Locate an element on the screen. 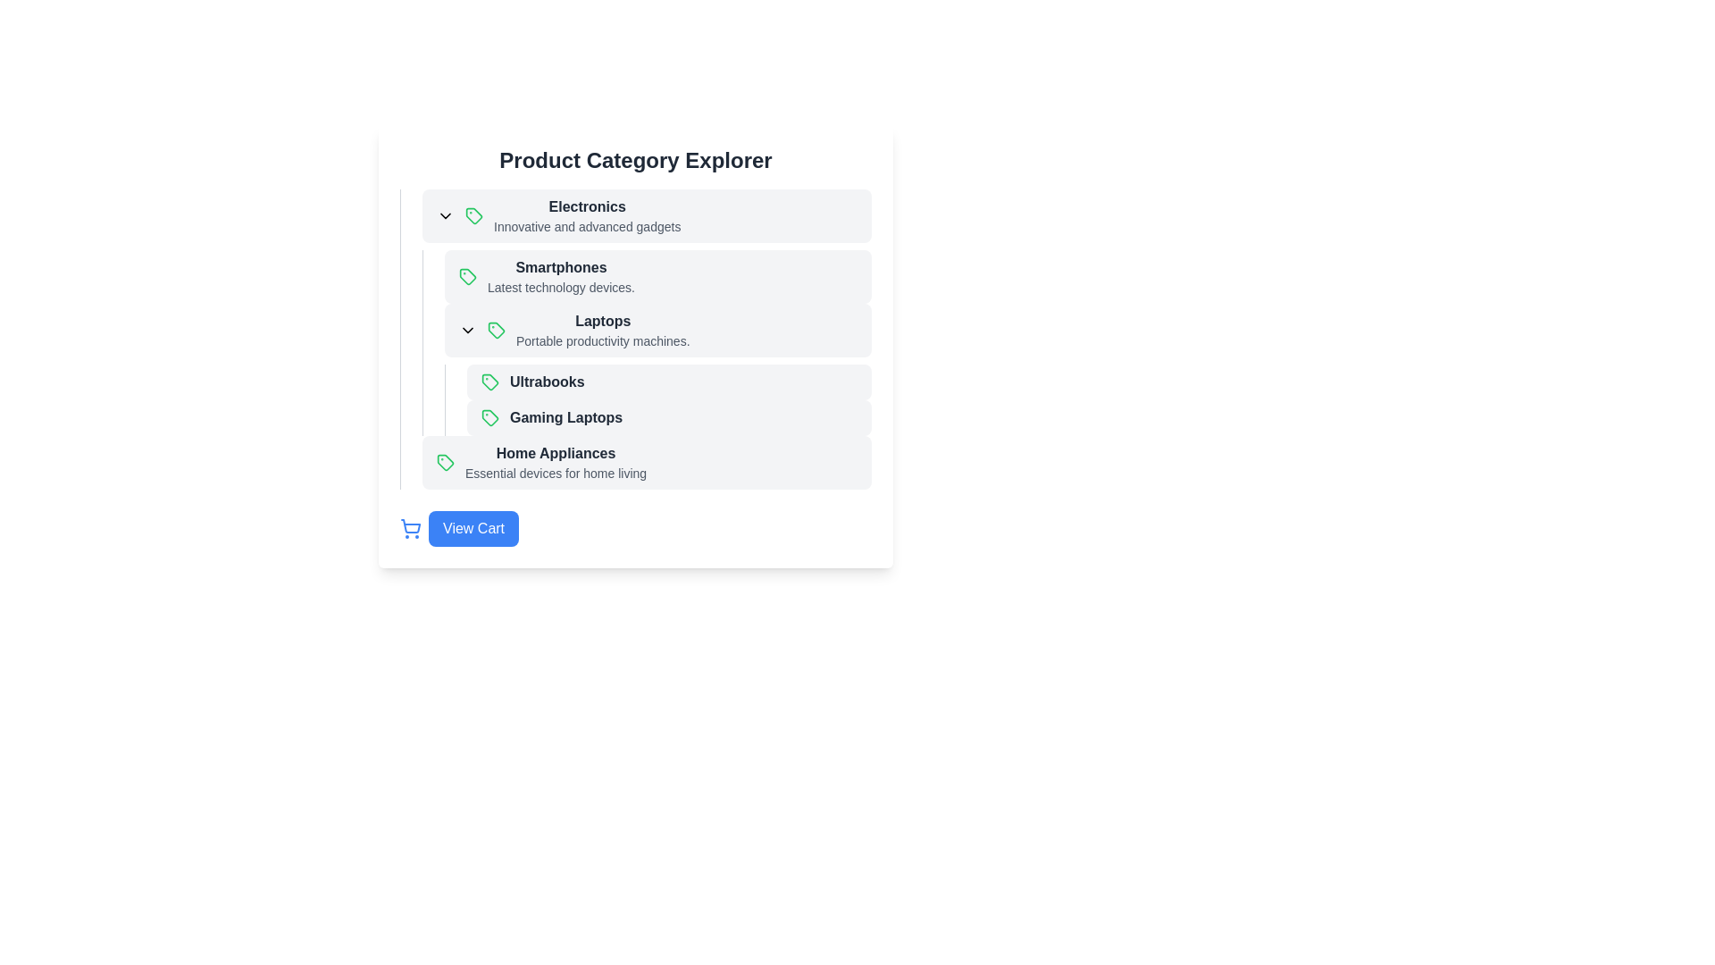 The height and width of the screenshot is (965, 1715). the small green tag icon with a circular dot, which is the first icon in the row labeled 'Gaming Laptops' is located at coordinates (489, 417).